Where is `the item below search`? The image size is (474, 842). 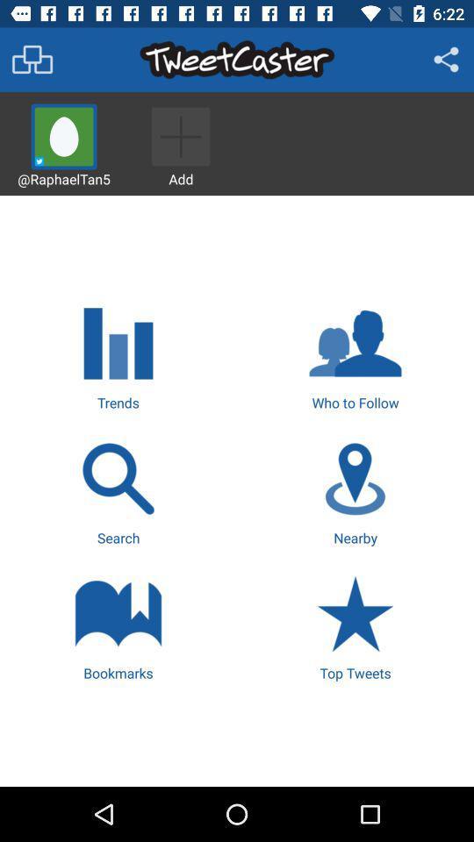 the item below search is located at coordinates (118, 626).